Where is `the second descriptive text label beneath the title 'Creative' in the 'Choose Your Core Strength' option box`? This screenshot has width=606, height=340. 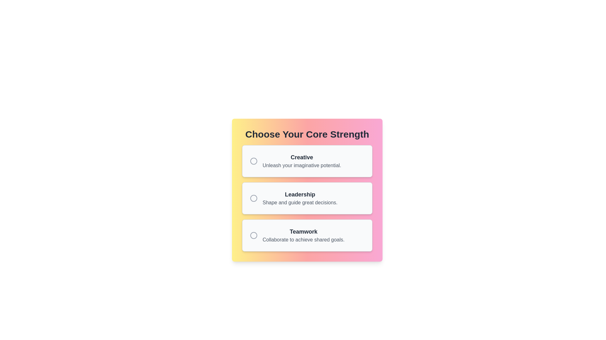 the second descriptive text label beneath the title 'Creative' in the 'Choose Your Core Strength' option box is located at coordinates (301, 165).